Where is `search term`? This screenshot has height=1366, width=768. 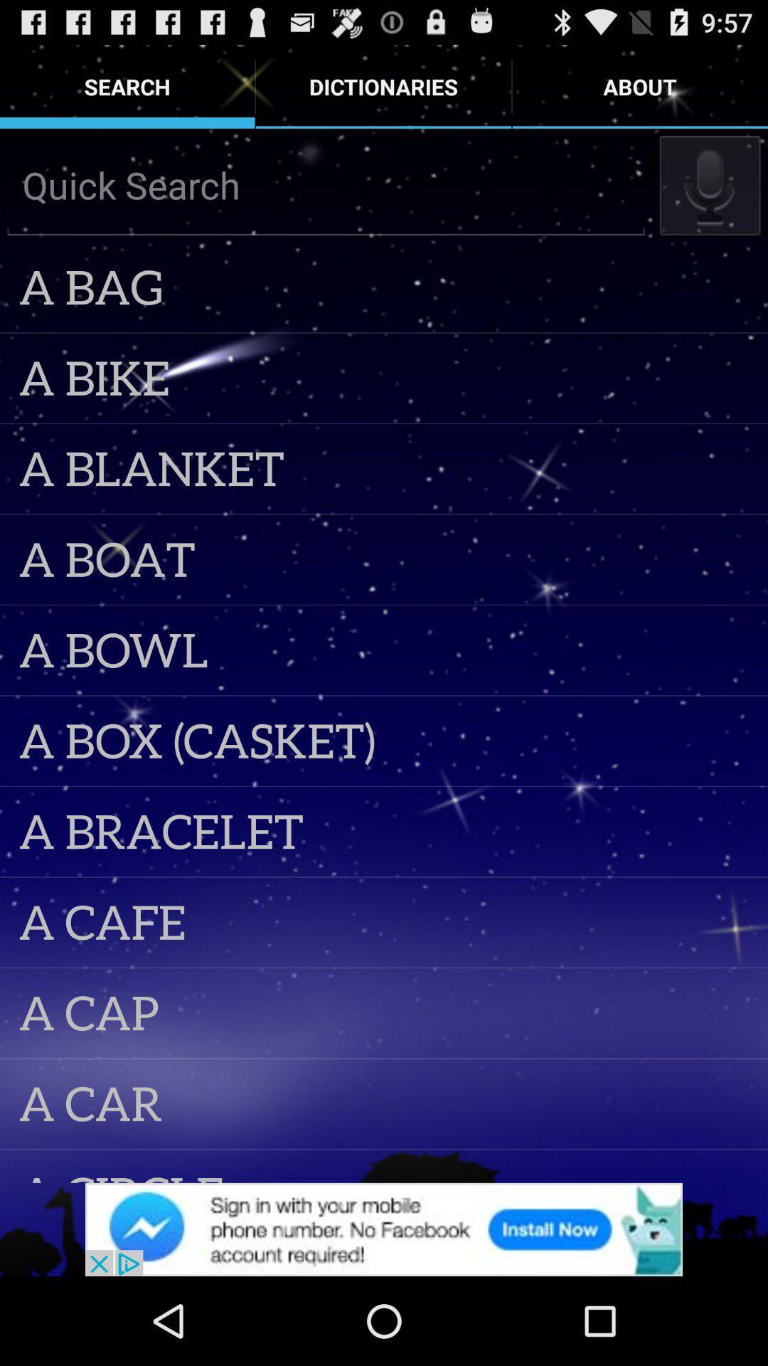 search term is located at coordinates (326, 184).